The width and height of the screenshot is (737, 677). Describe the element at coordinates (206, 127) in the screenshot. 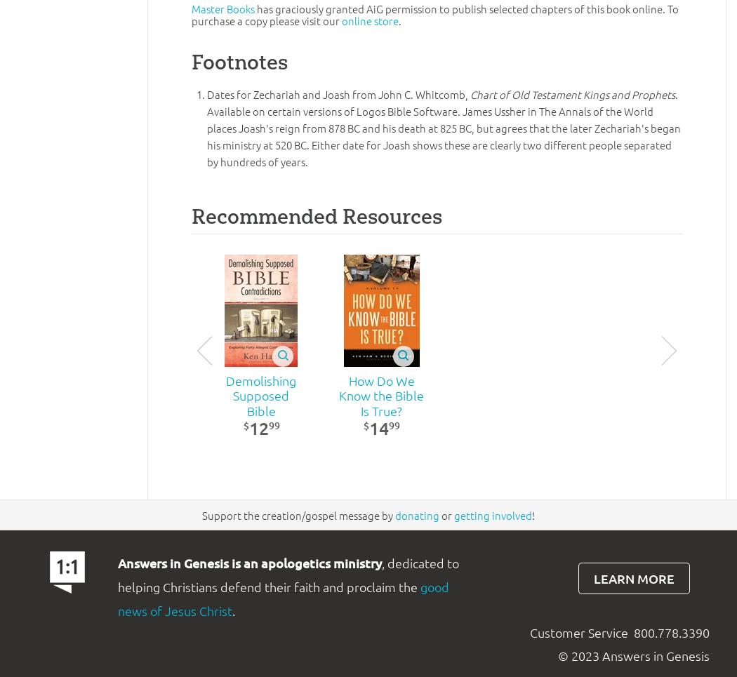

I see `'. Available on certain versions of Logos Bible Software. James Ussher in The Annals of the World places Joash's reign from 878 BC and his death at 825 BC, but agrees that the later Zechariah's began his ministry at 520 BC. Either date for Joash shows these are clearly two different people separated by hundreds of years.'` at that location.